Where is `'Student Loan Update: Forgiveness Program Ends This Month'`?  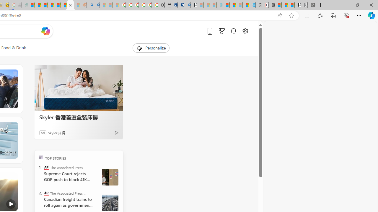
'Student Loan Update: Forgiveness Program Ends This Month' is located at coordinates (51, 5).